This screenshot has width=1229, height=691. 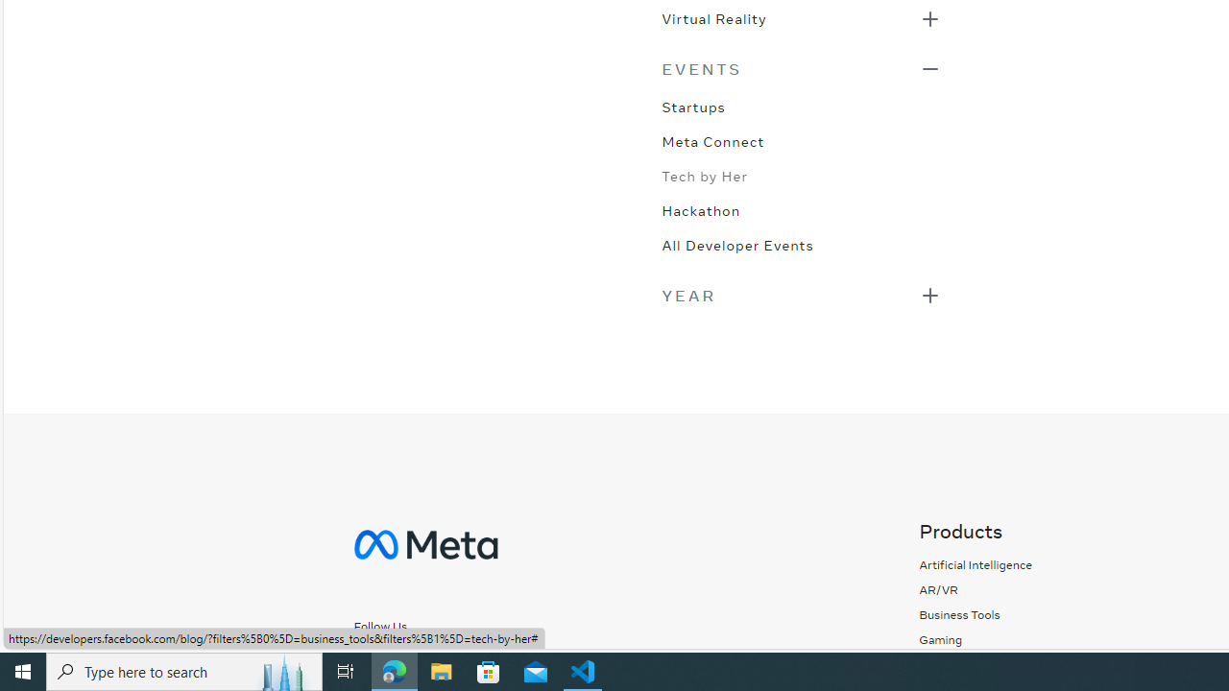 I want to click on 'Artificial Intelligence', so click(x=976, y=563).